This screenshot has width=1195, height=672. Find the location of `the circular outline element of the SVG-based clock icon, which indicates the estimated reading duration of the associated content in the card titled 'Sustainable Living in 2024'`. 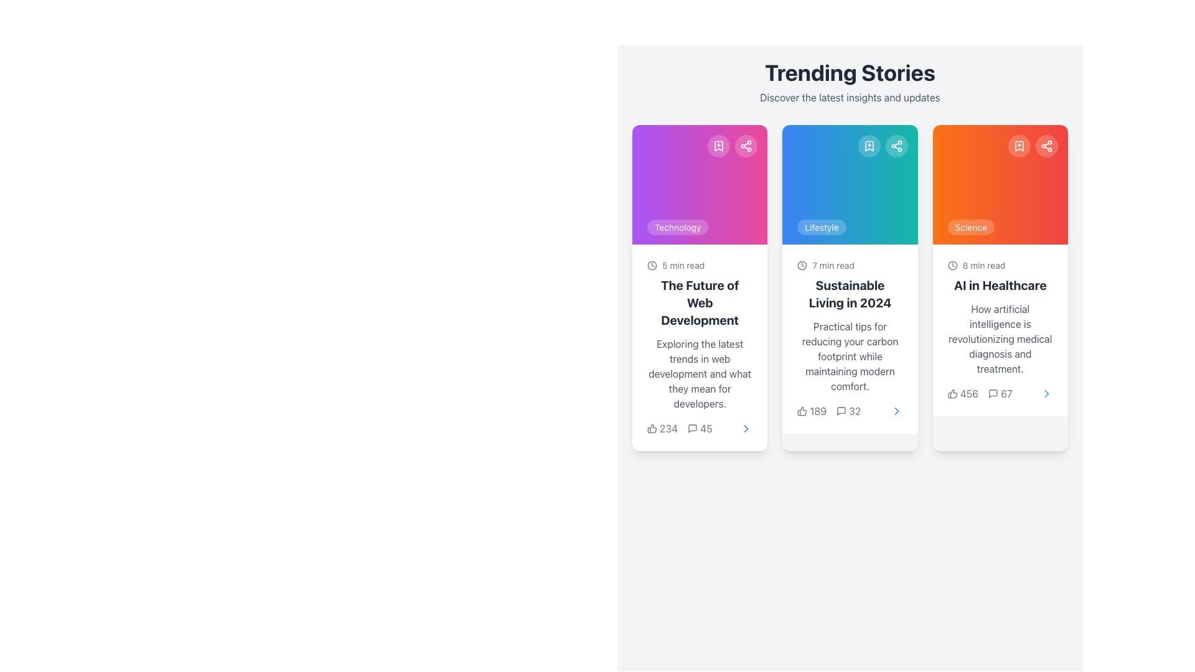

the circular outline element of the SVG-based clock icon, which indicates the estimated reading duration of the associated content in the card titled 'Sustainable Living in 2024' is located at coordinates (651, 265).